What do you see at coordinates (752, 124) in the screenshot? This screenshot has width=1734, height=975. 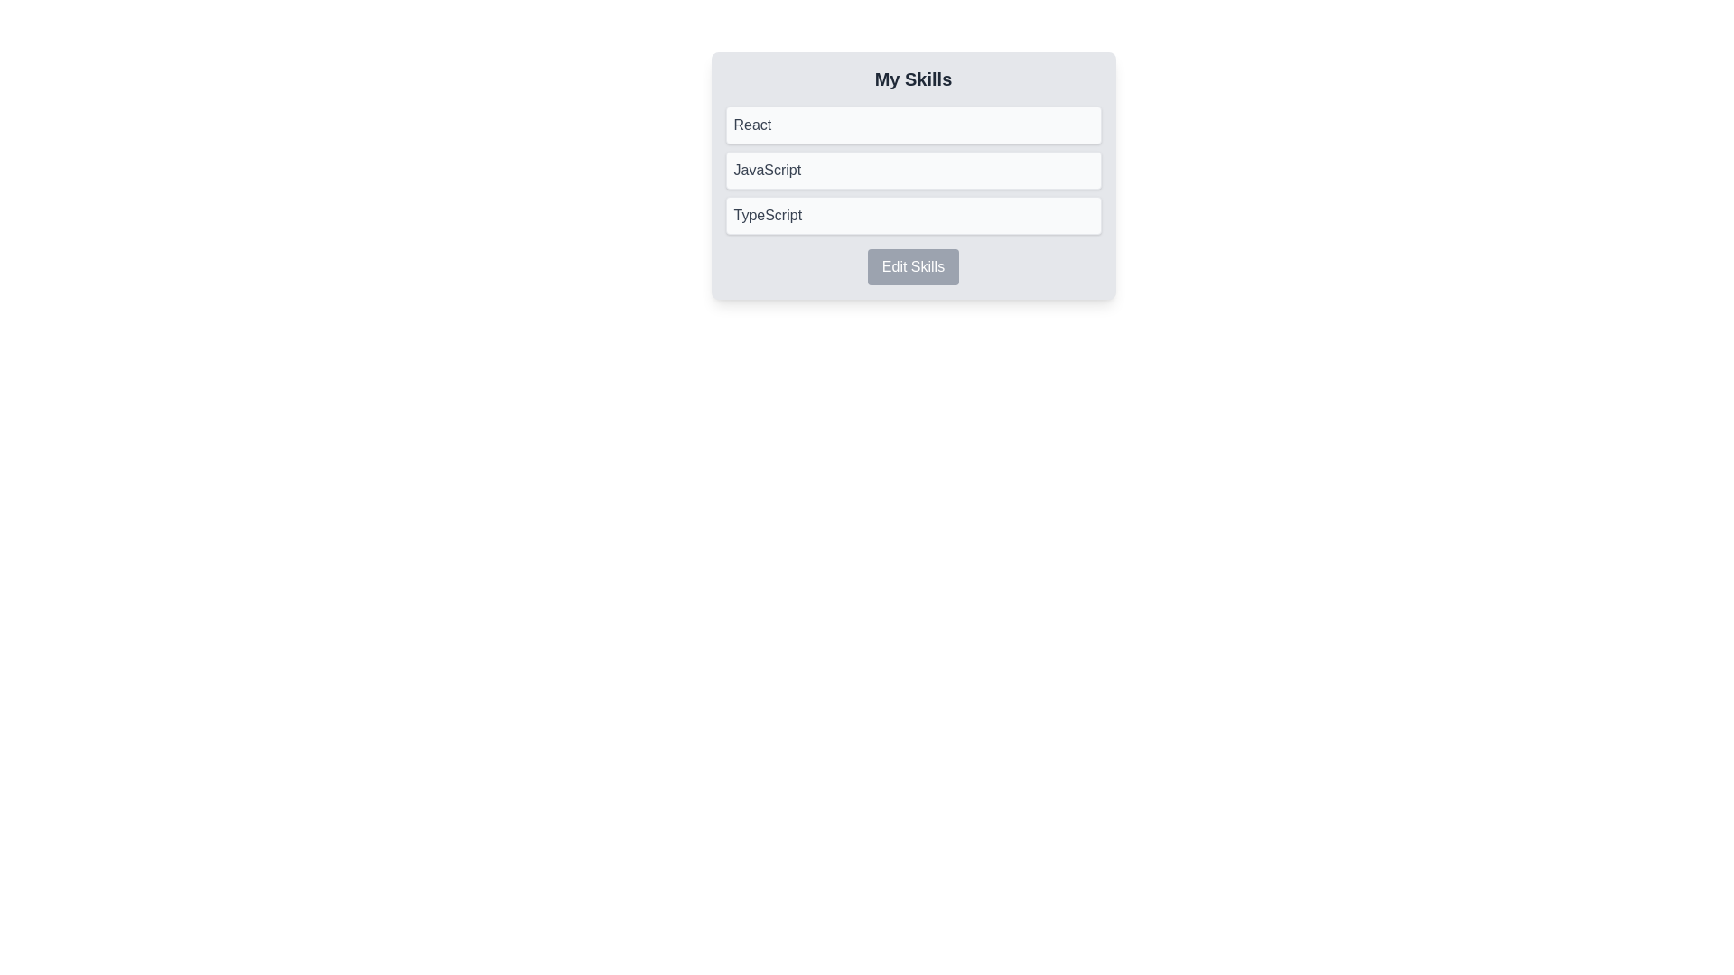 I see `the text label displaying 'React' in a dark gray color, which is the first line of text in the skills list under 'My Skills'` at bounding box center [752, 124].